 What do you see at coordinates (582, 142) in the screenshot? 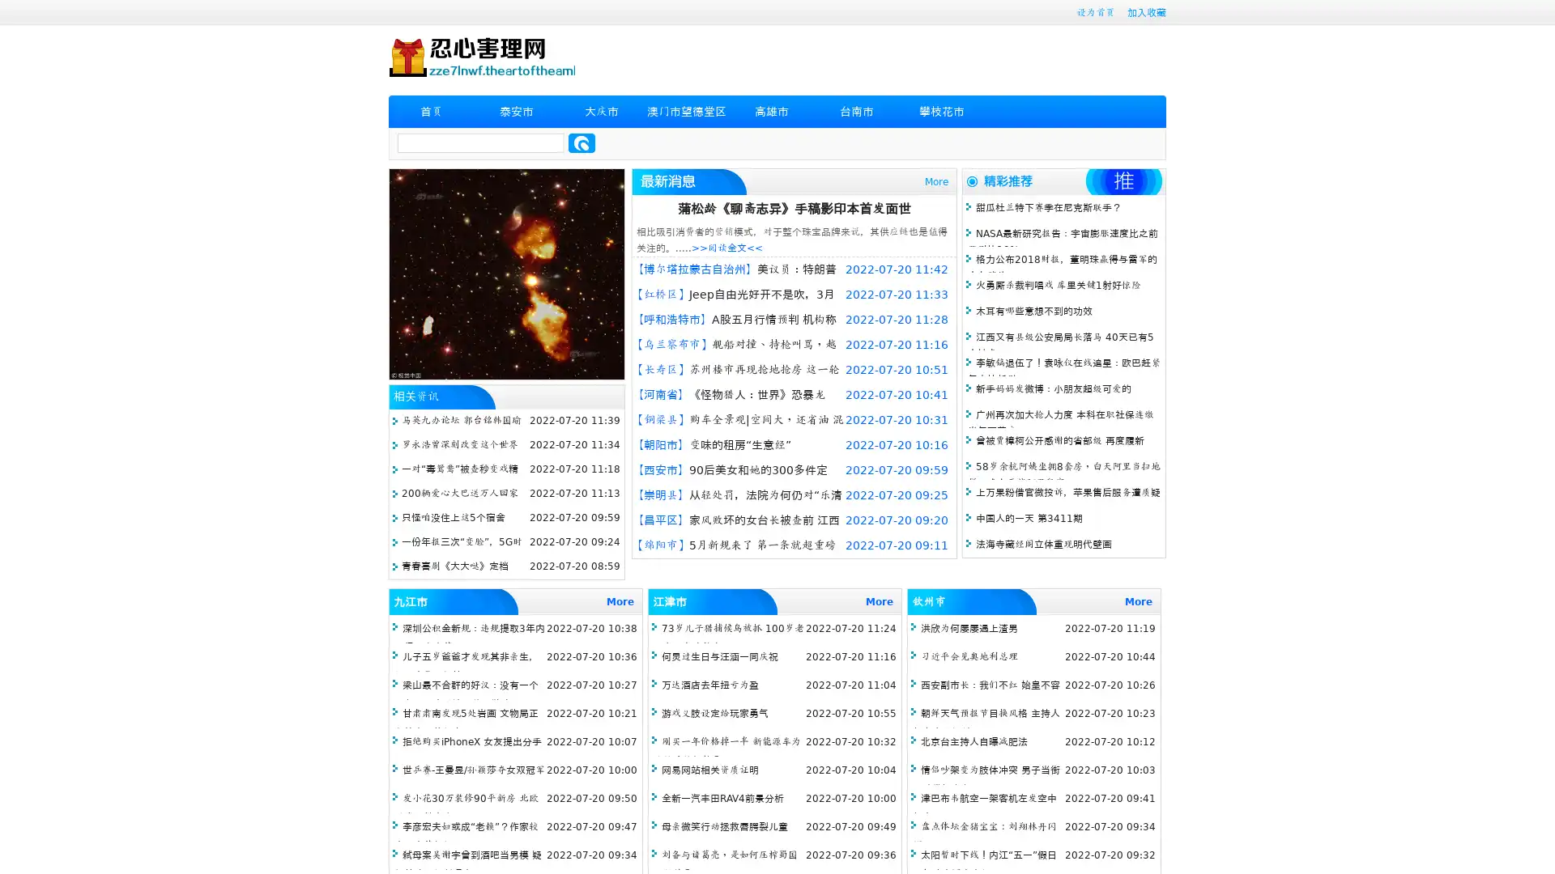
I see `Search` at bounding box center [582, 142].